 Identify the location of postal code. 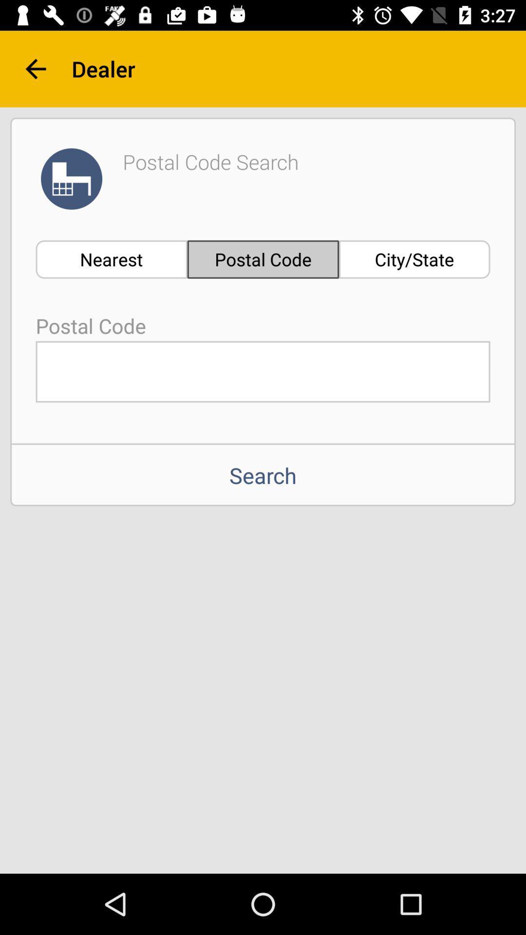
(263, 371).